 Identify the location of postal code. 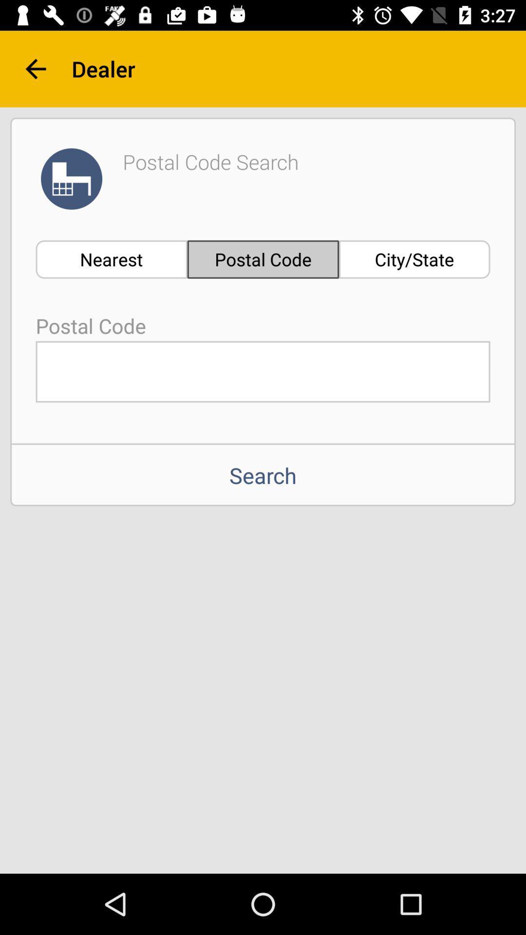
(263, 371).